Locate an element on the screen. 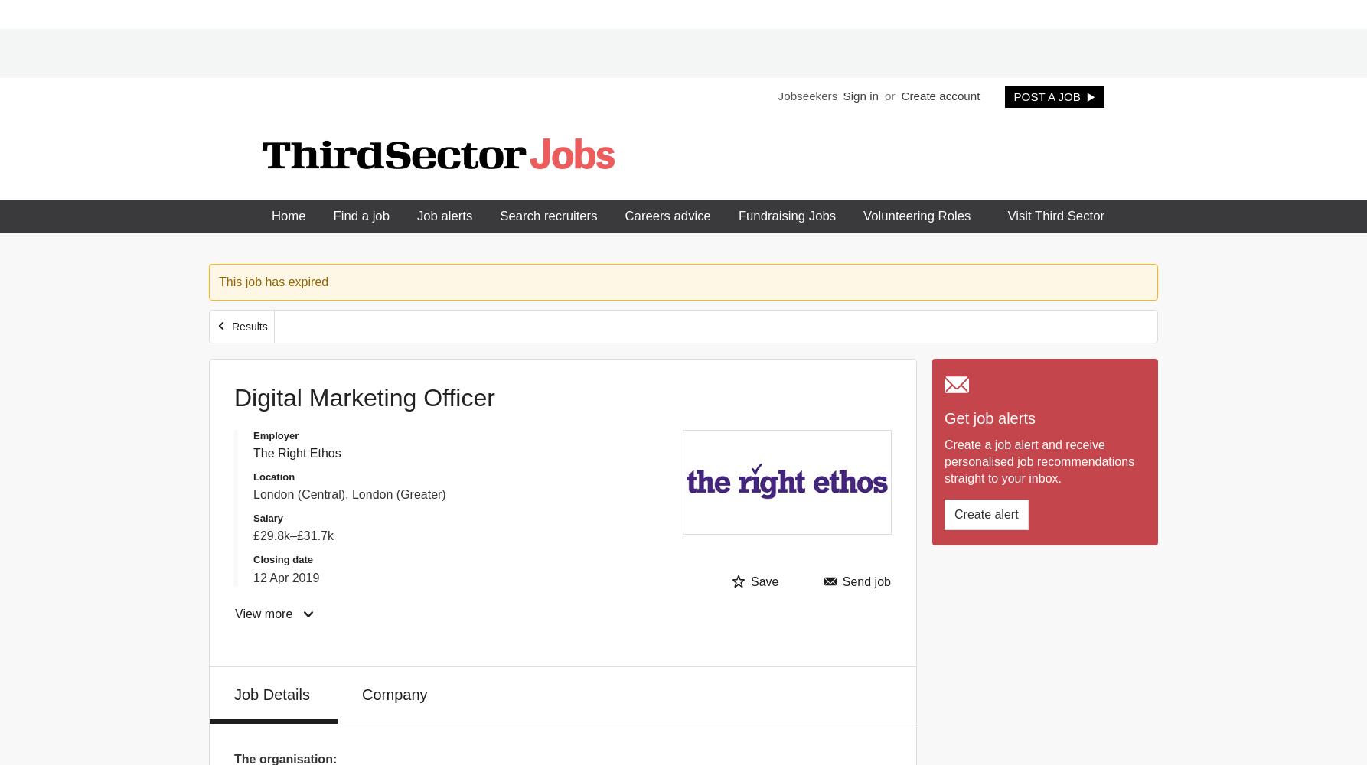 Image resolution: width=1367 pixels, height=765 pixels. 'POST A JOB' is located at coordinates (1013, 96).